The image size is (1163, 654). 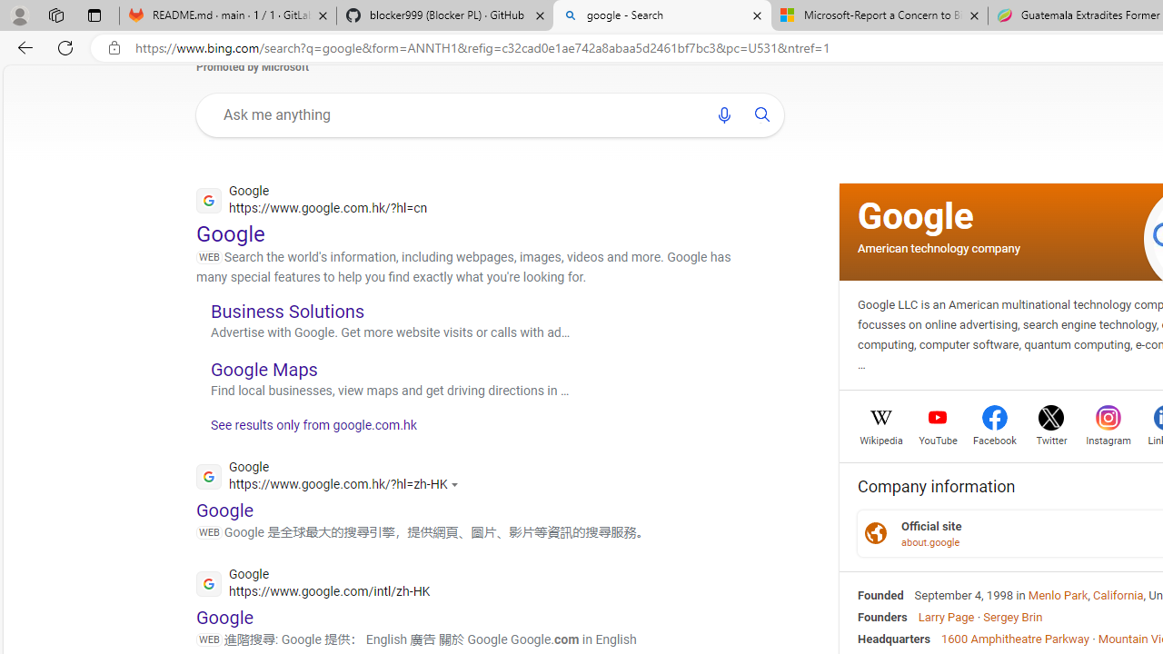 I want to click on 'Menlo Park', so click(x=1058, y=595).